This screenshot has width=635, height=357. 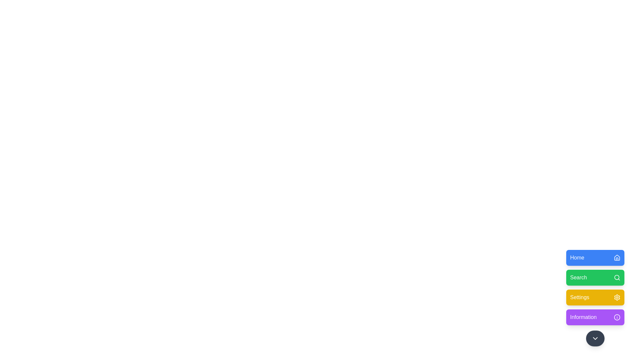 What do you see at coordinates (595, 257) in the screenshot?
I see `the menu option Home from the floating menu` at bounding box center [595, 257].